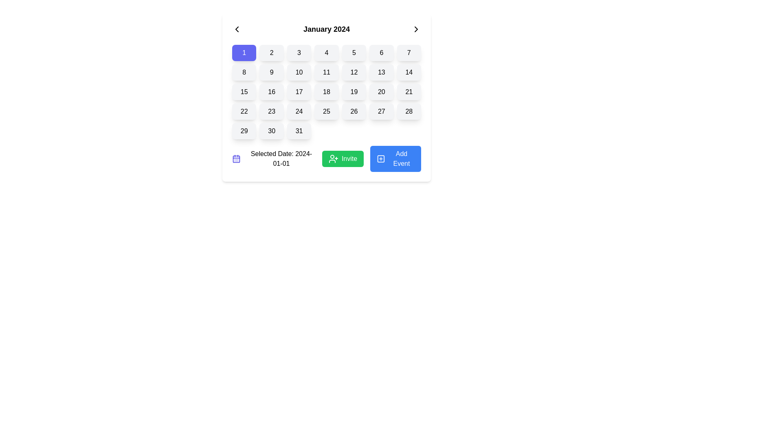 This screenshot has height=440, width=782. Describe the element at coordinates (326, 92) in the screenshot. I see `the square button with a light gray background and the number '18' in bold black font` at that location.